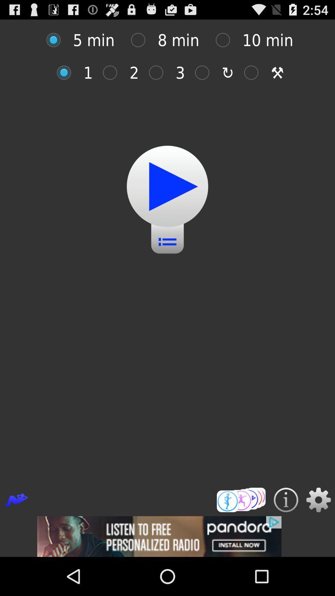  Describe the element at coordinates (286, 500) in the screenshot. I see `information symbol` at that location.